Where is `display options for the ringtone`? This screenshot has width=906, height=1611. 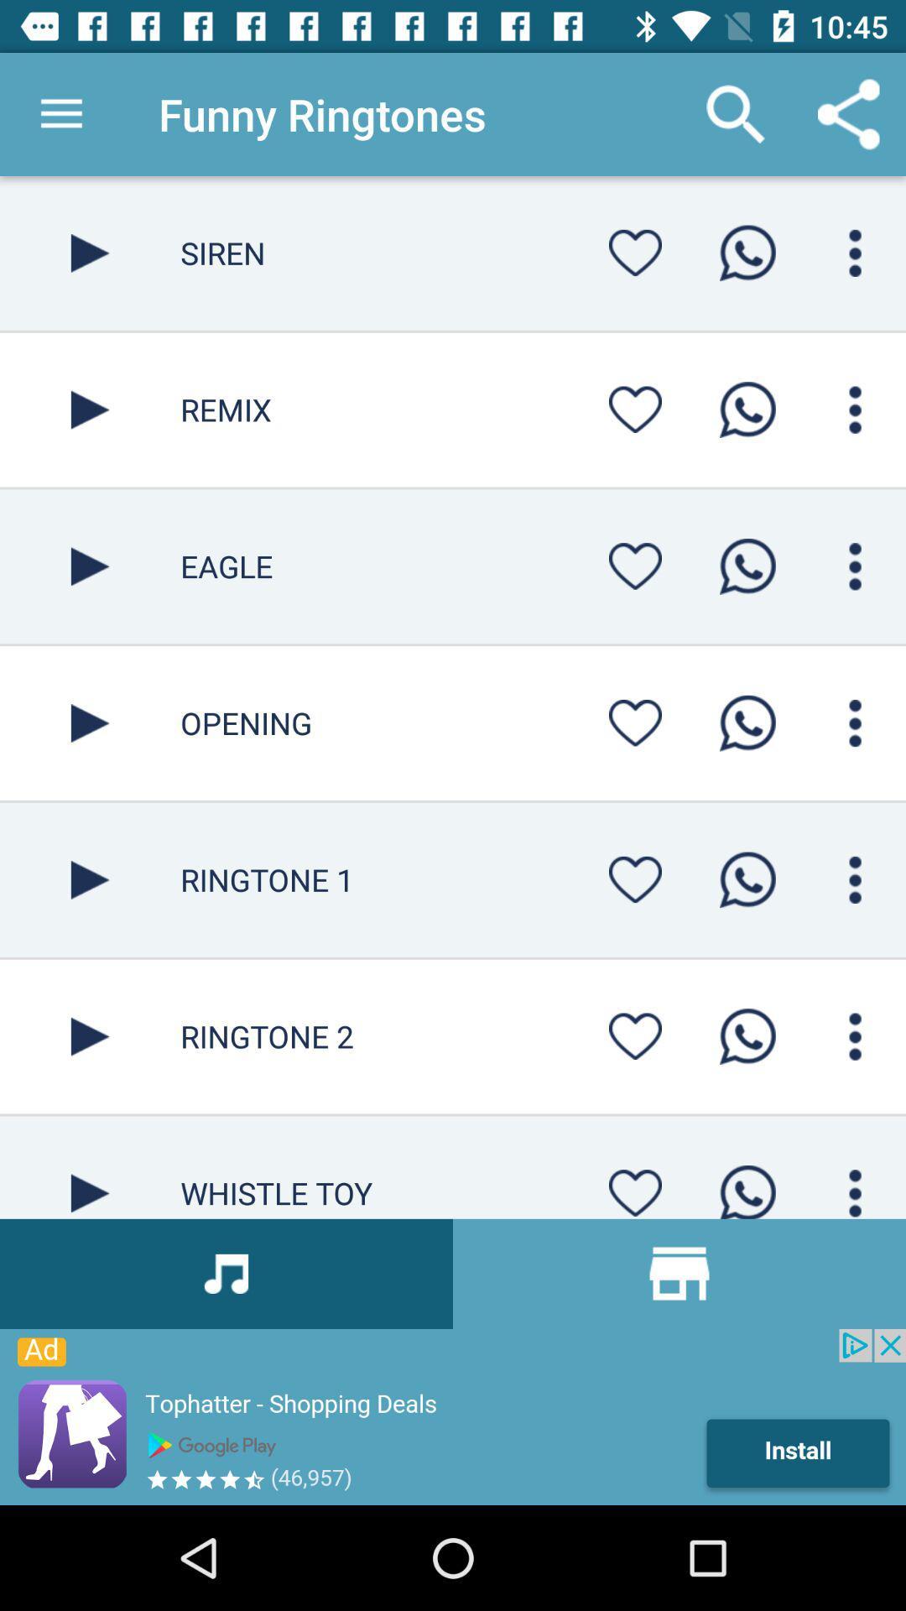 display options for the ringtone is located at coordinates (855, 409).